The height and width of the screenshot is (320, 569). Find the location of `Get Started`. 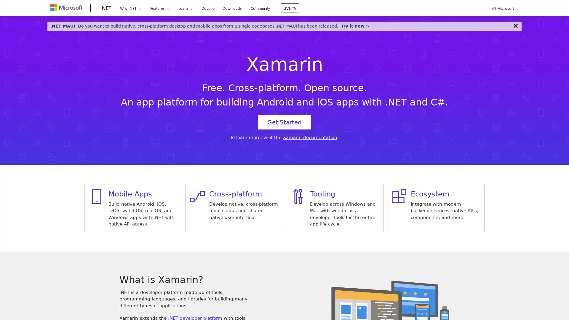

Get Started is located at coordinates (284, 122).